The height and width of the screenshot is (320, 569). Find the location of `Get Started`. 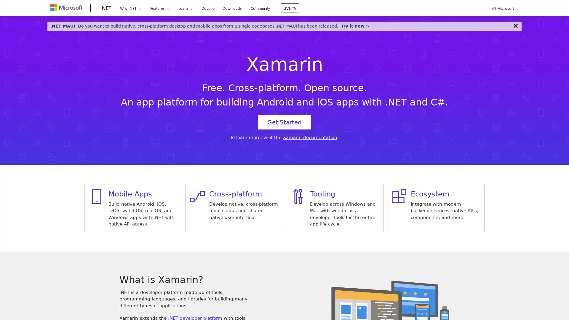

Get Started is located at coordinates (284, 122).